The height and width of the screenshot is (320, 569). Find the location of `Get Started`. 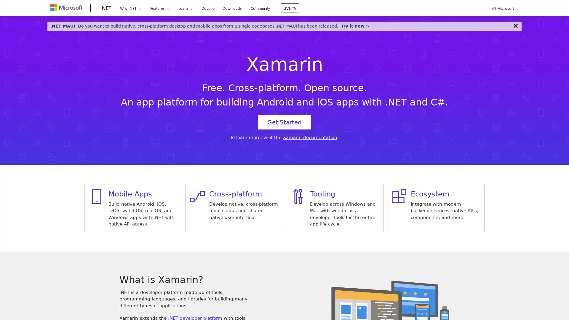

Get Started is located at coordinates (284, 122).